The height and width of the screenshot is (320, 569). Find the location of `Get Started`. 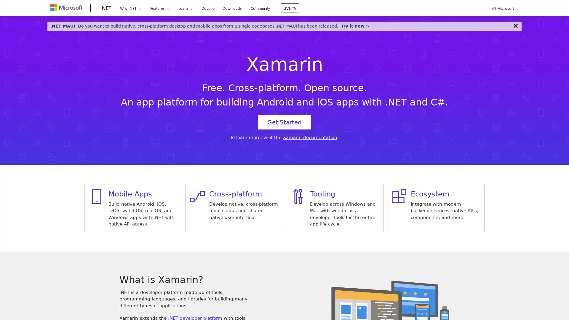

Get Started is located at coordinates (284, 122).